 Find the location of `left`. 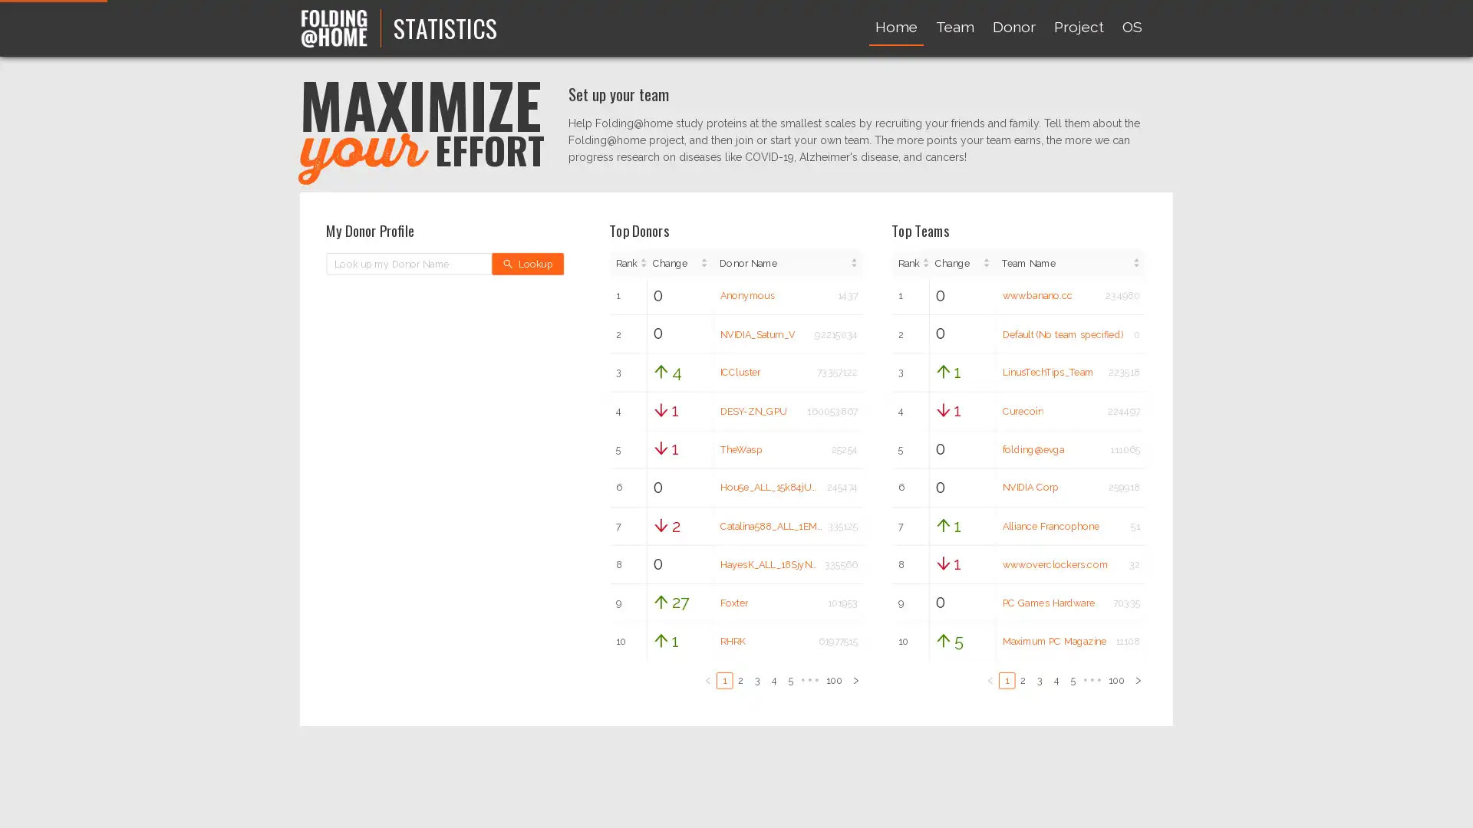

left is located at coordinates (990, 678).